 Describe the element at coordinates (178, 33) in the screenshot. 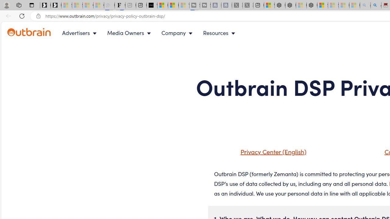

I see `'Company'` at that location.